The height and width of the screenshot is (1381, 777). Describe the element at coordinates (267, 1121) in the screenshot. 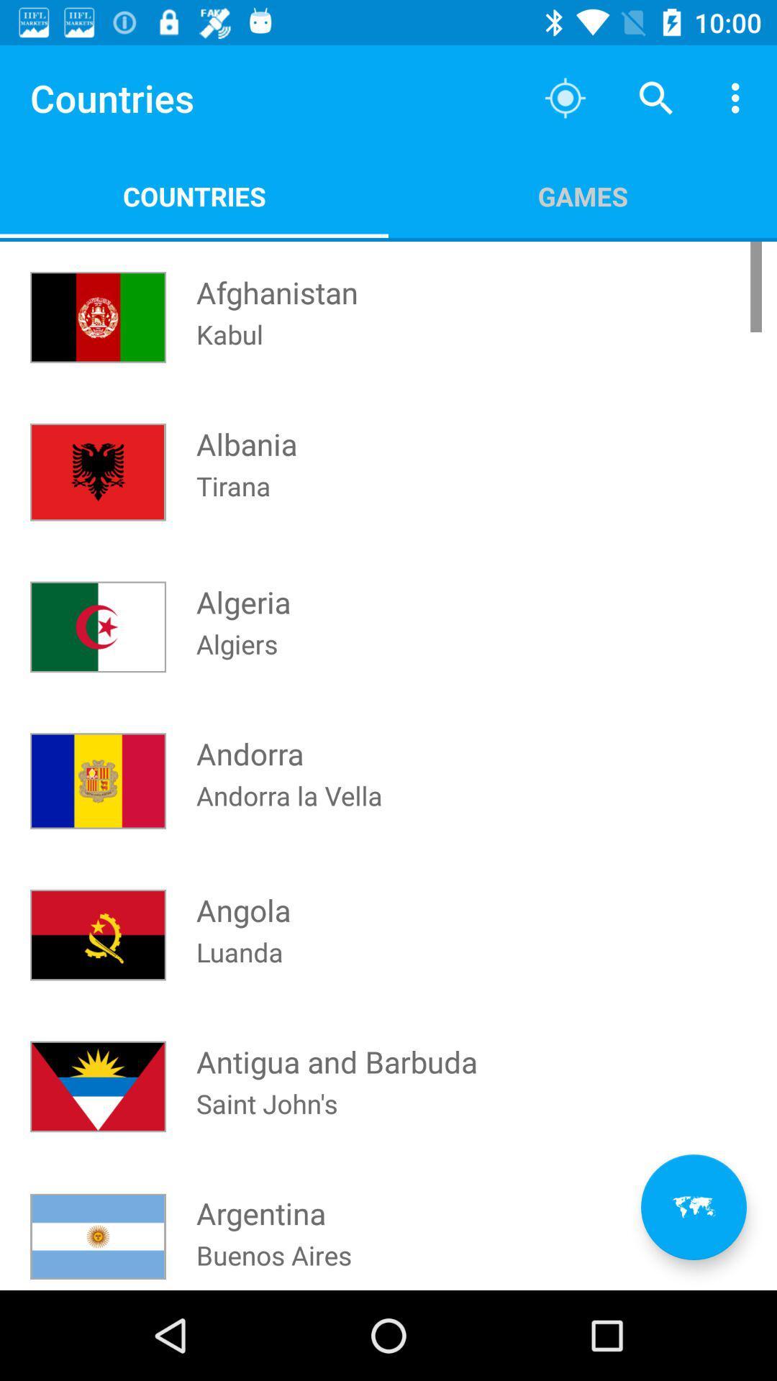

I see `the icon below antigua and barbuda icon` at that location.